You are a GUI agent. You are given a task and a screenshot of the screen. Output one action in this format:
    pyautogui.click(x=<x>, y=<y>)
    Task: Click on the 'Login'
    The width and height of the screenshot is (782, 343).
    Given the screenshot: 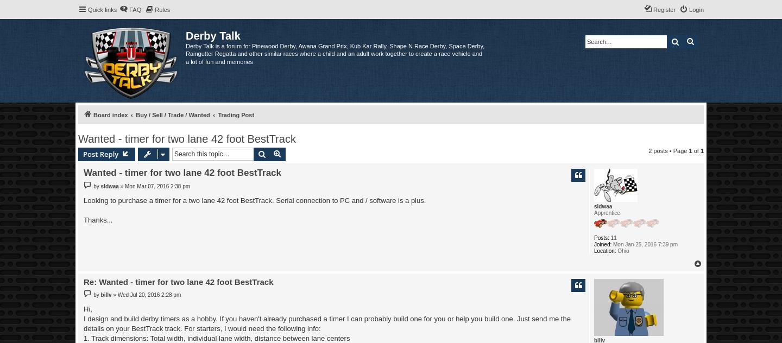 What is the action you would take?
    pyautogui.click(x=696, y=10)
    